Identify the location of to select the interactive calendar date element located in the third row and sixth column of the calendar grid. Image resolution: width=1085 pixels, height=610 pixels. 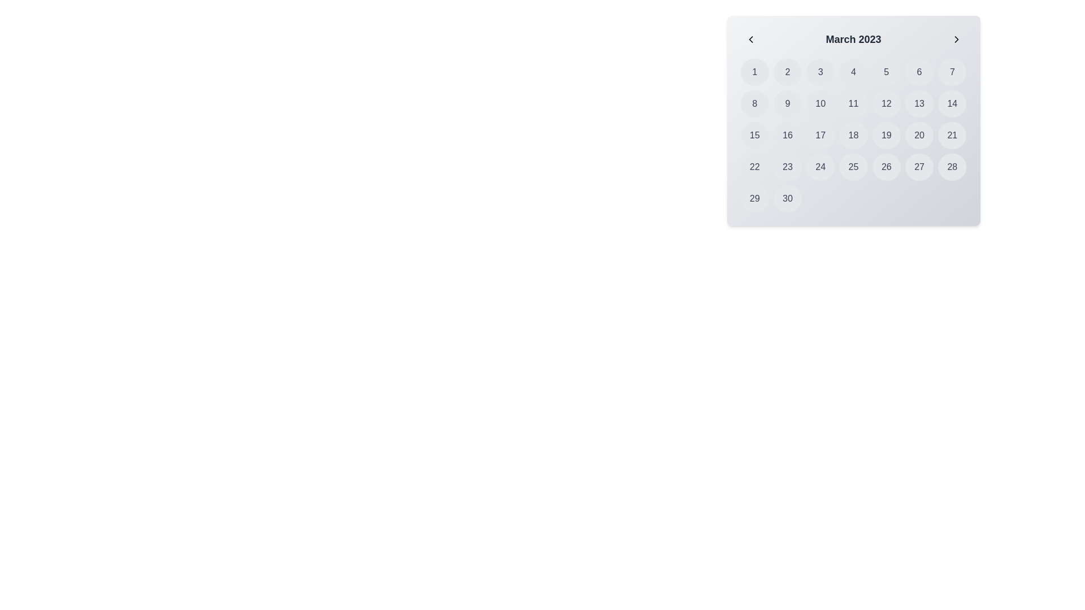
(919, 134).